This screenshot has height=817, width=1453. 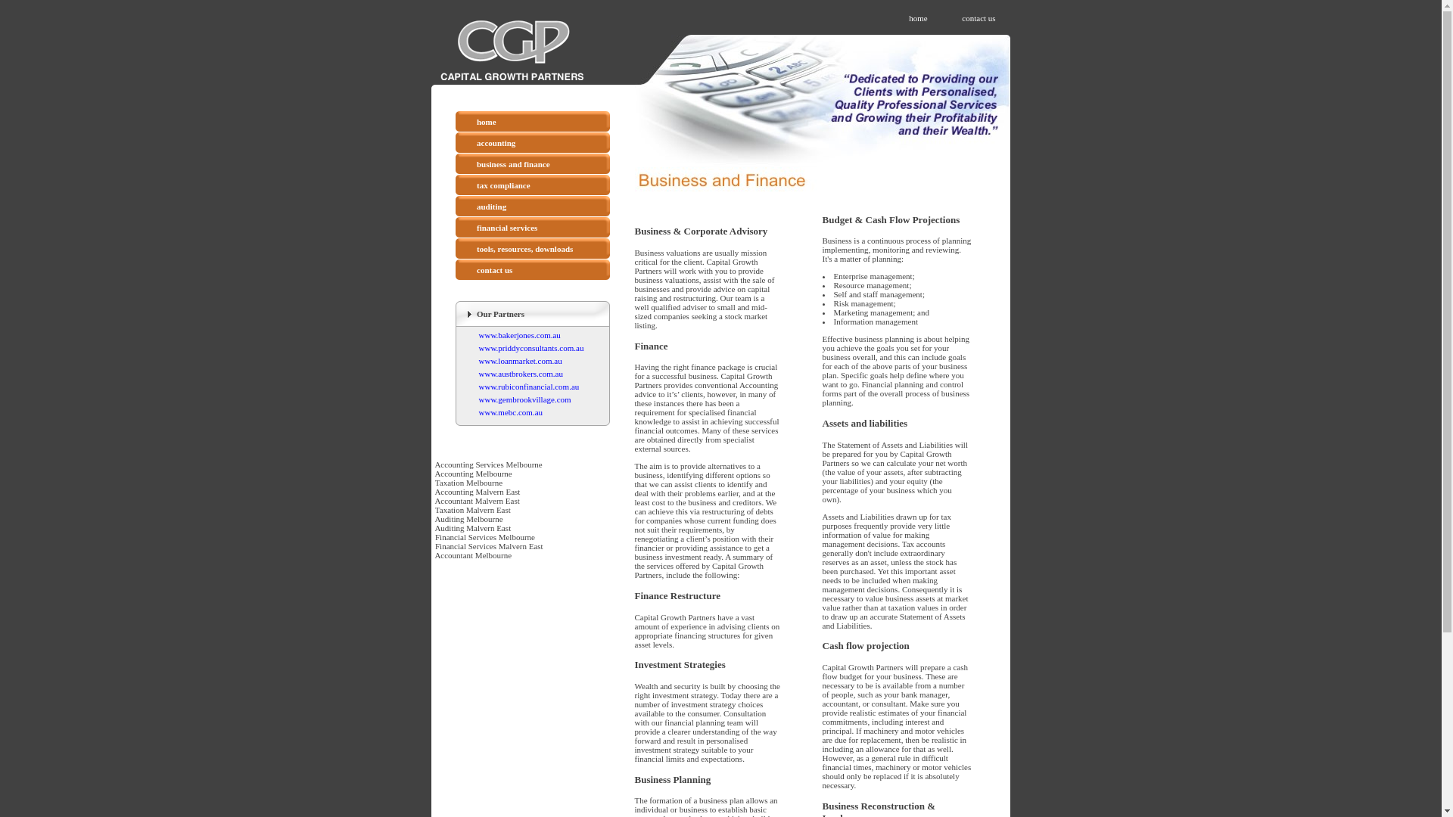 What do you see at coordinates (524, 247) in the screenshot?
I see `'tools, resources, downloads'` at bounding box center [524, 247].